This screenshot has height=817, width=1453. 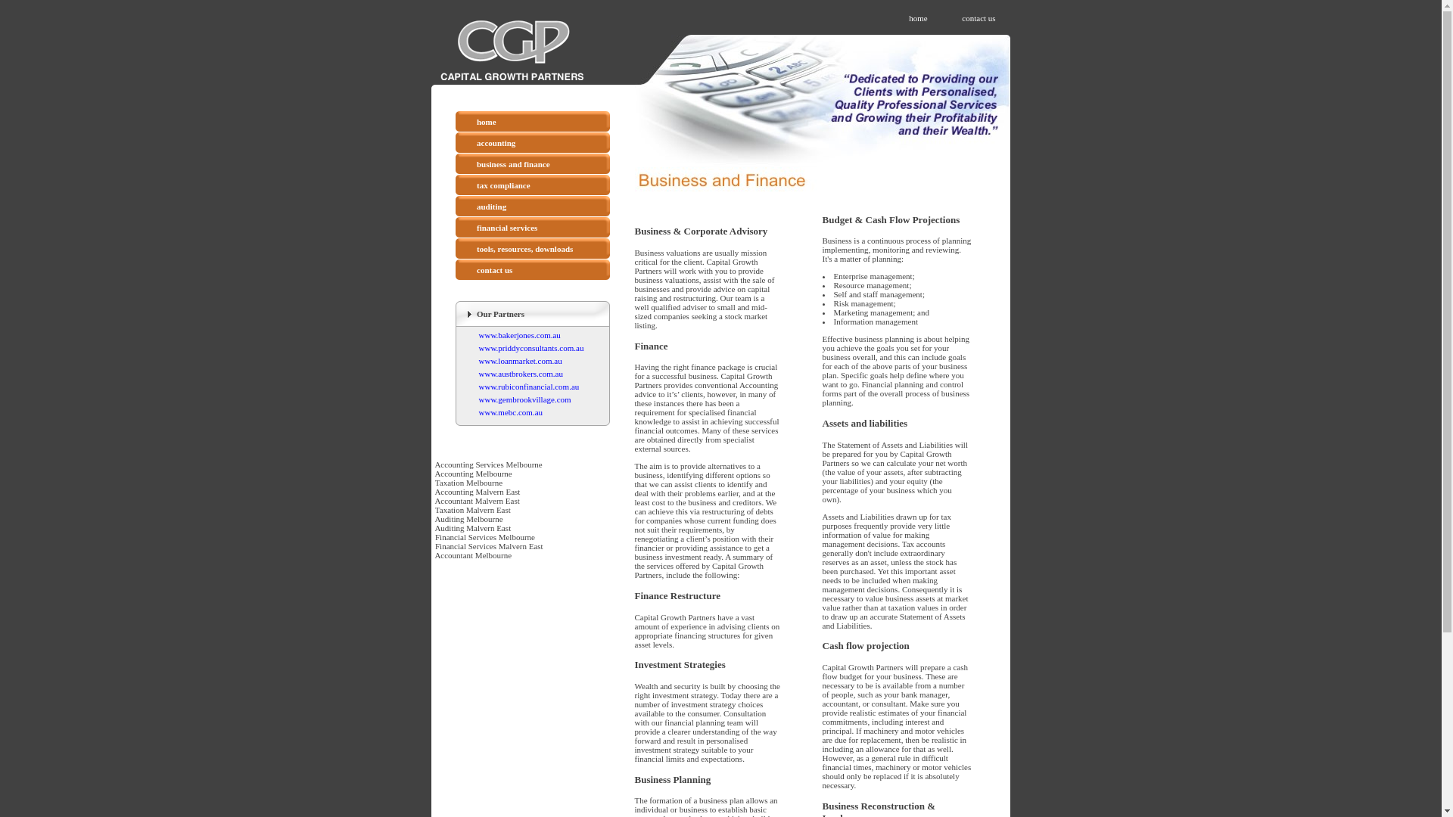 What do you see at coordinates (524, 247) in the screenshot?
I see `'tools, resources, downloads'` at bounding box center [524, 247].